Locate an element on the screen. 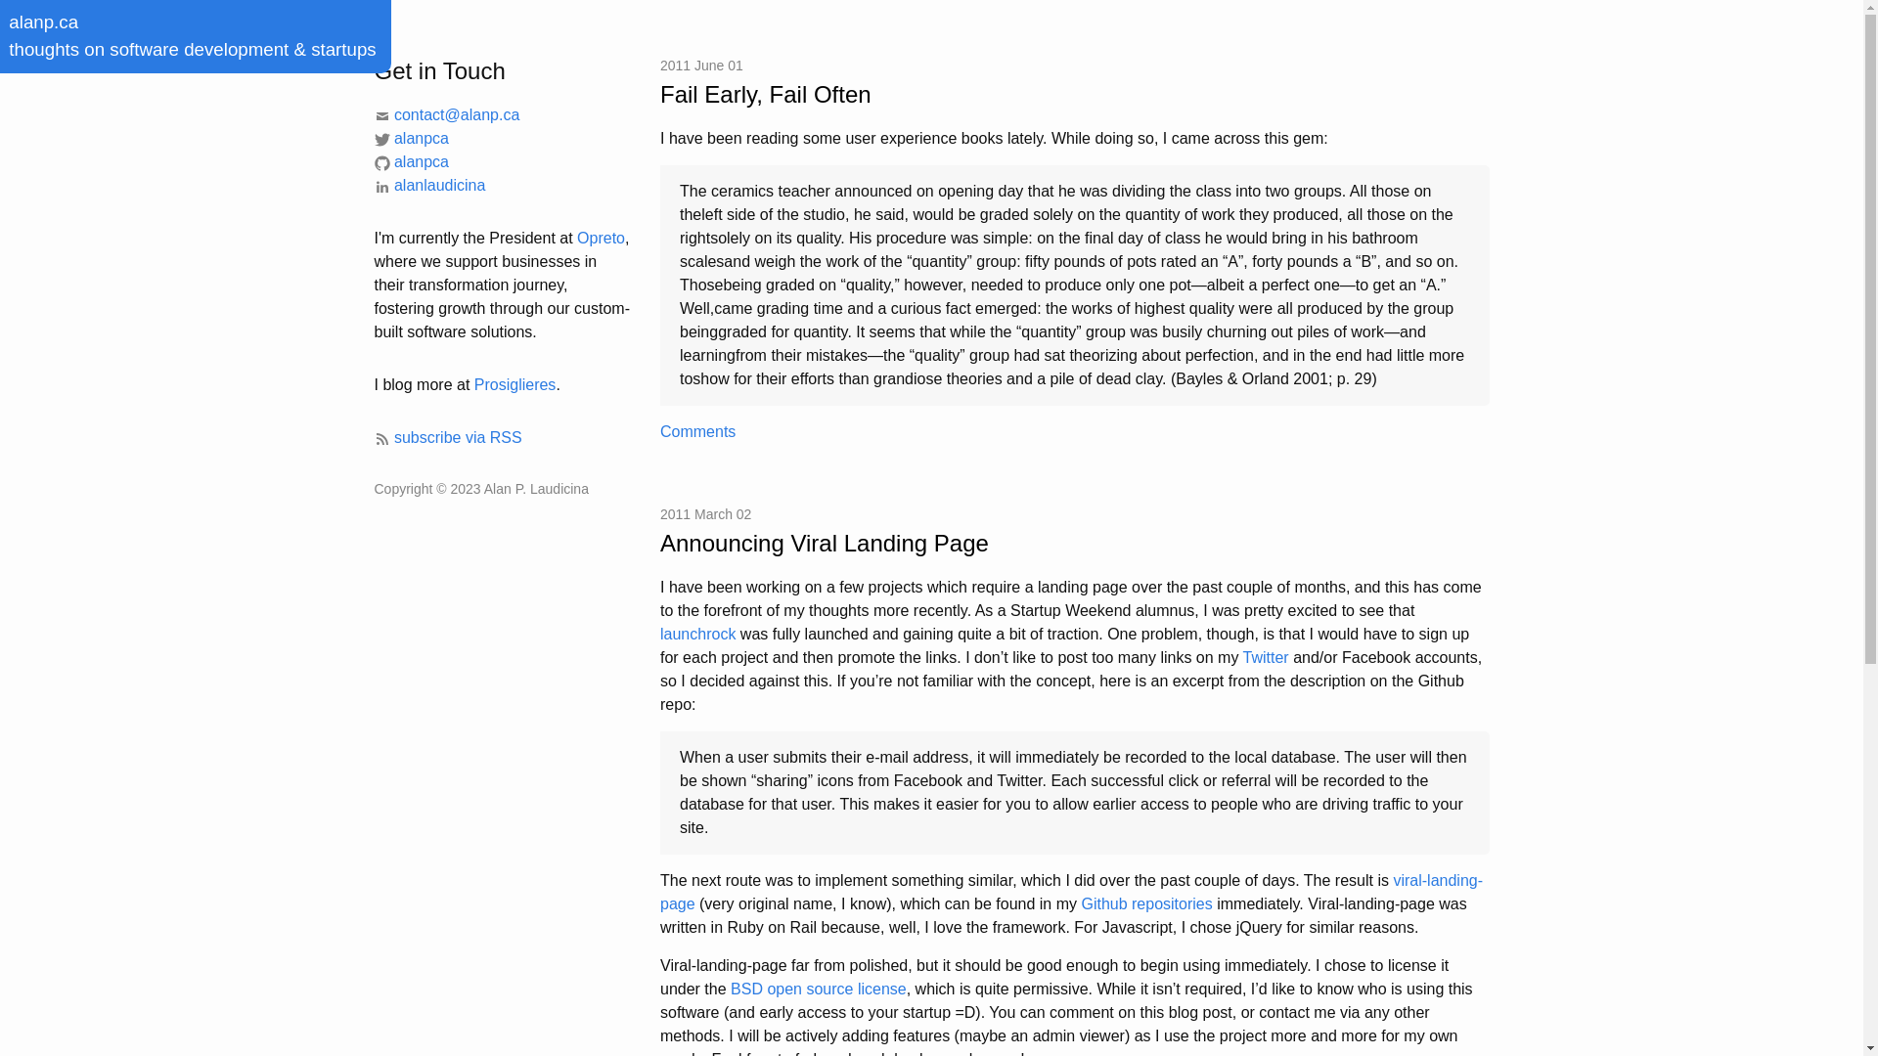  'alanpca' is located at coordinates (410, 160).